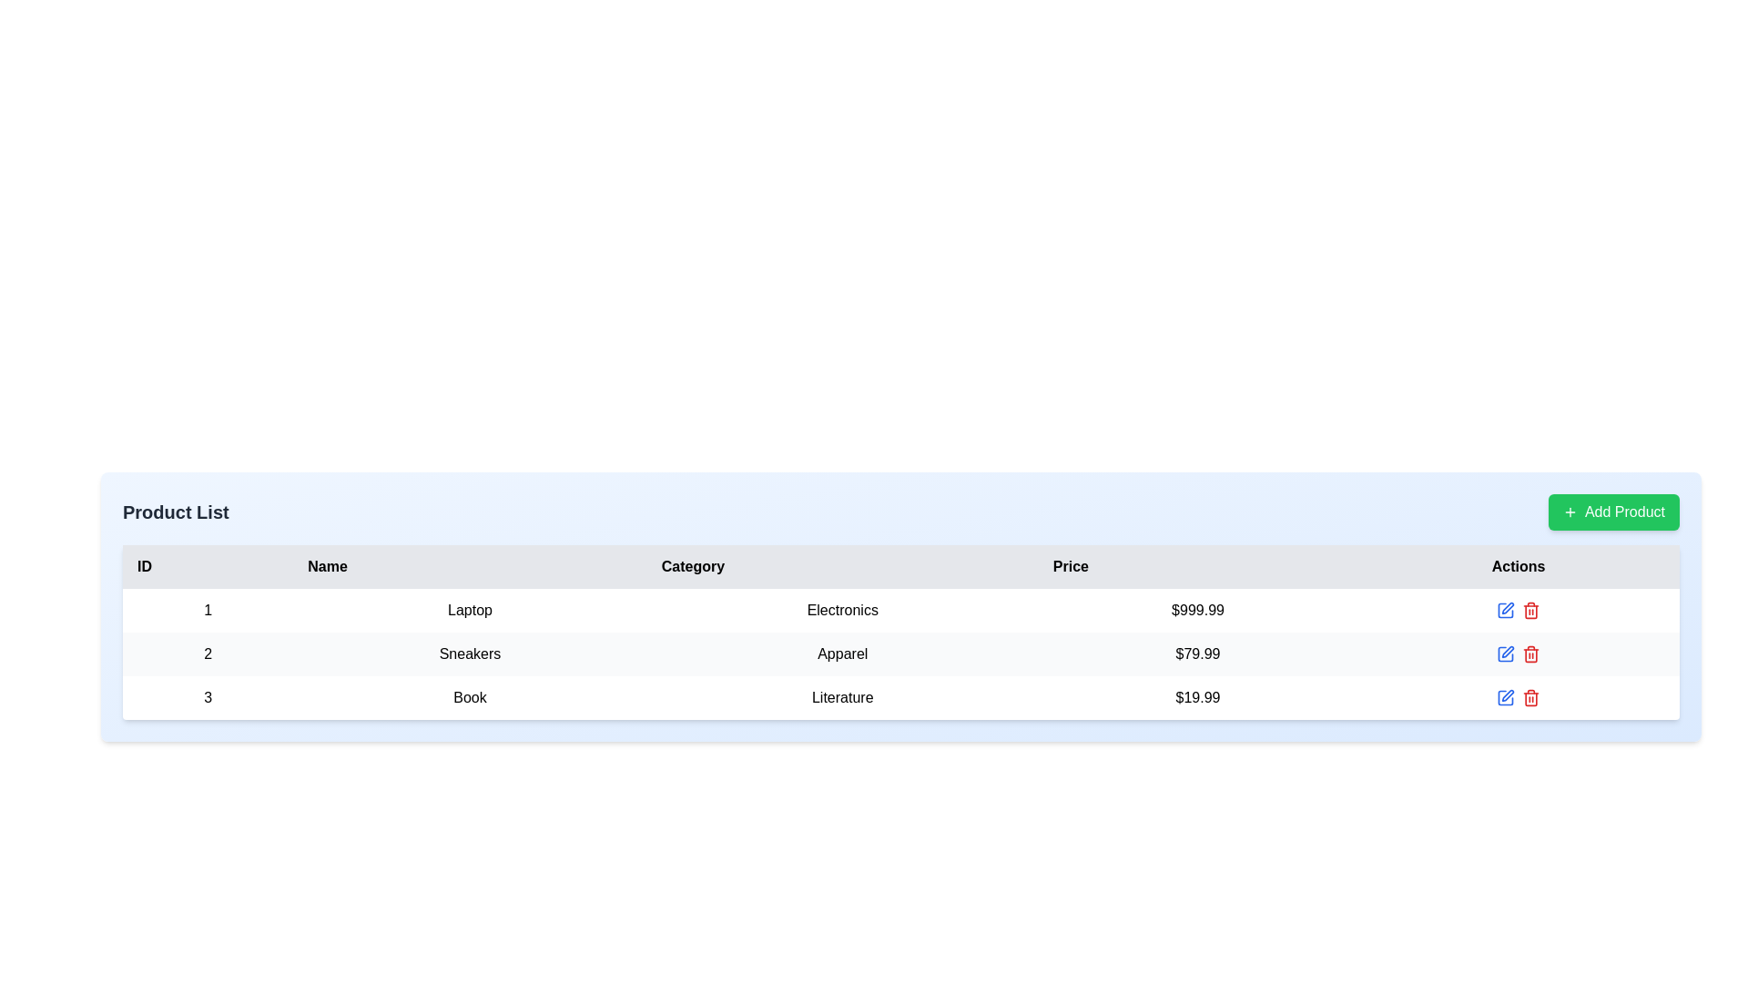 The height and width of the screenshot is (983, 1748). I want to click on the small green plus sign icon within the 'Add Product' button in the top-right section of the display, so click(1569, 512).